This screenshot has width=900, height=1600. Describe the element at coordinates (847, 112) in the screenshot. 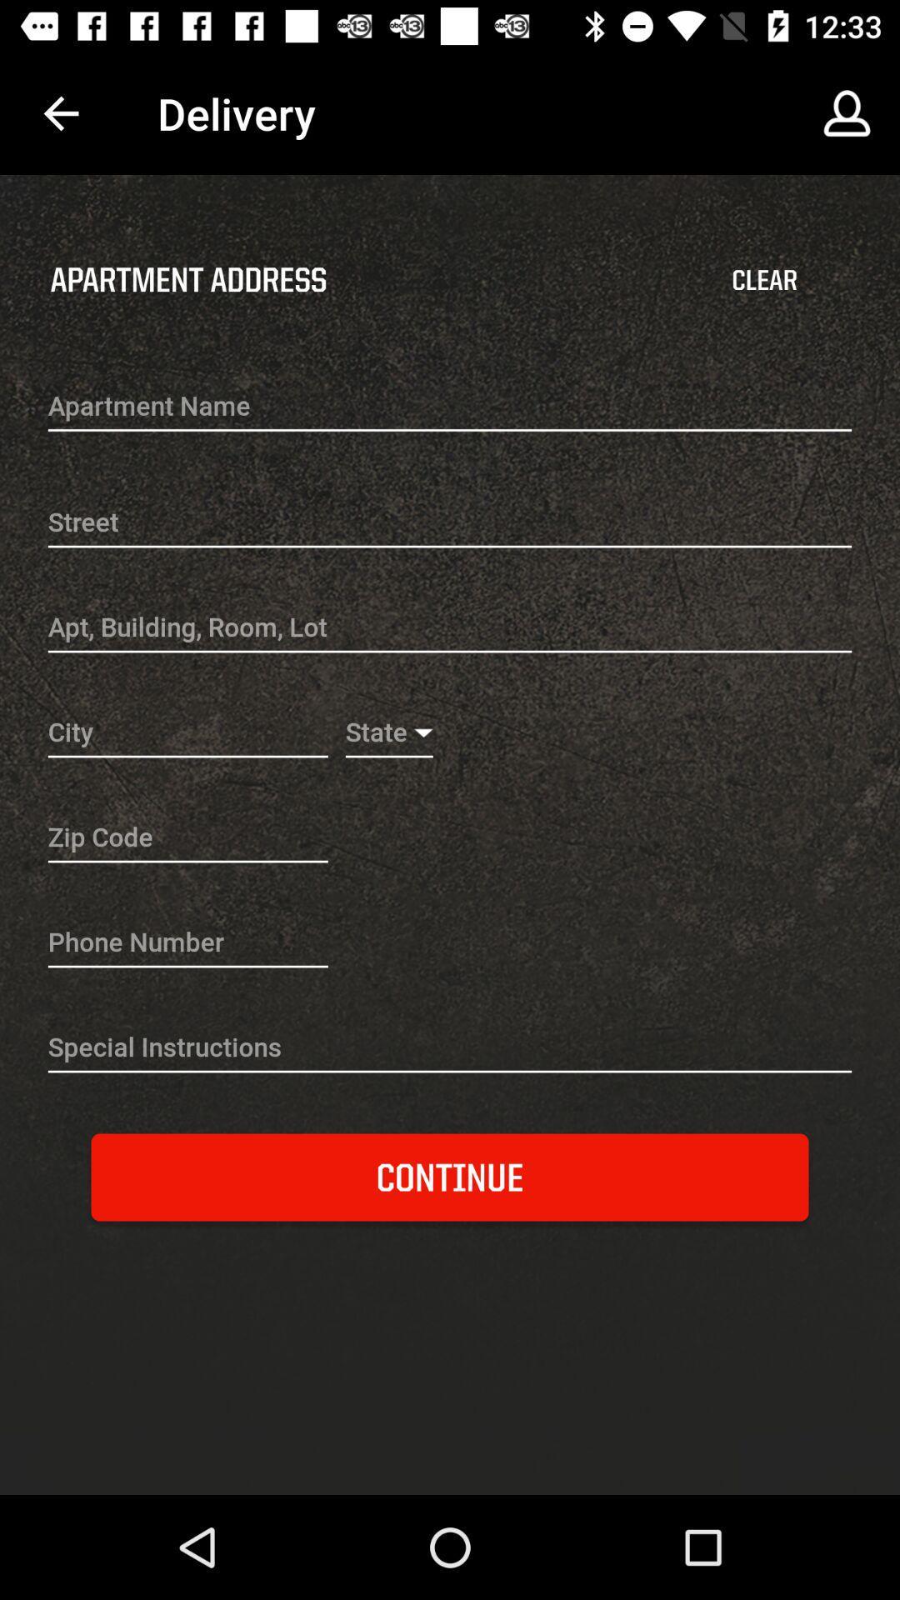

I see `the icon above the clear item` at that location.